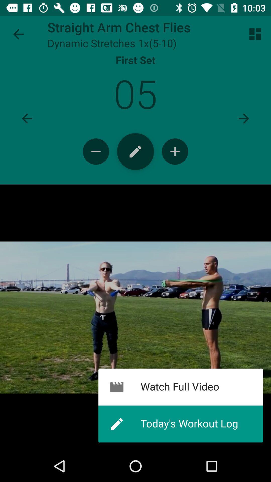  What do you see at coordinates (244, 118) in the screenshot?
I see `next` at bounding box center [244, 118].